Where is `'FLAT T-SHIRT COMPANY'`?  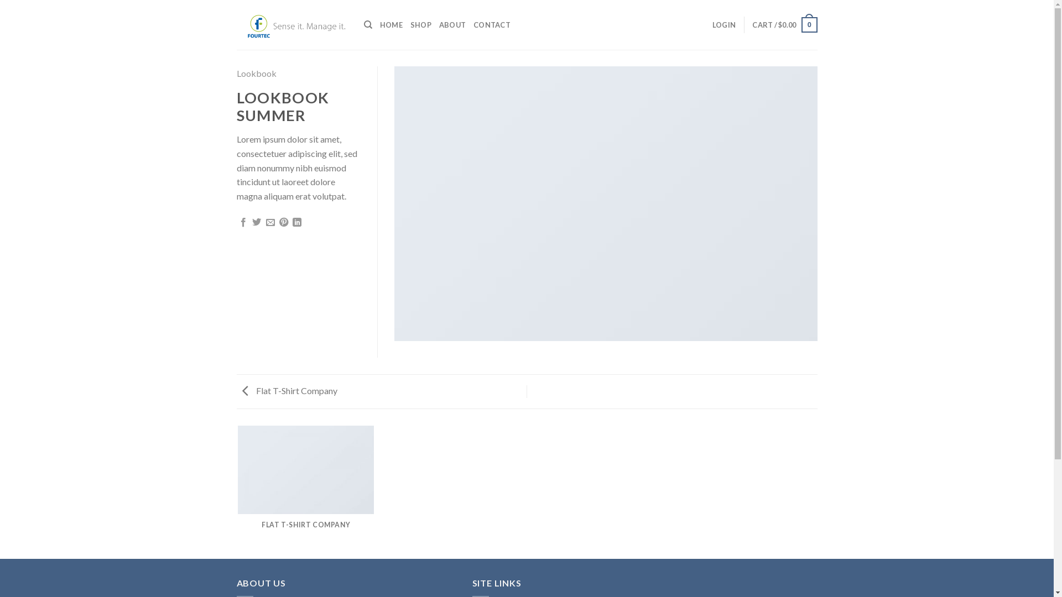 'FLAT T-SHIRT COMPANY' is located at coordinates (306, 486).